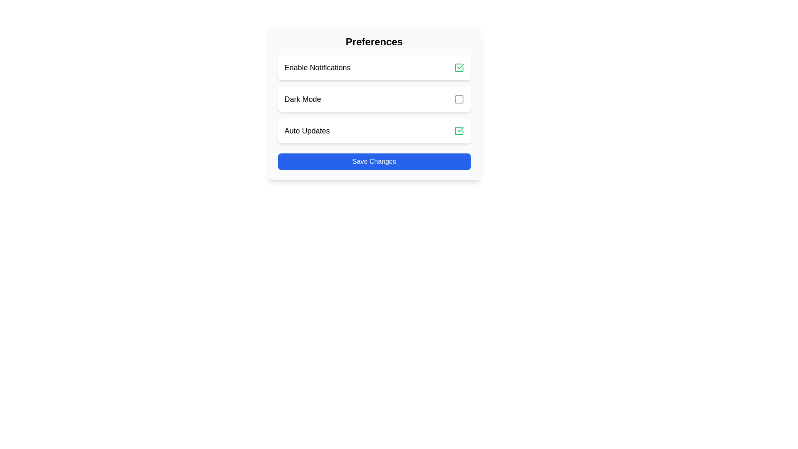 The width and height of the screenshot is (798, 449). What do you see at coordinates (458, 67) in the screenshot?
I see `the green checkmark icon indicating selection or confirmation, located to the right of 'Enable Notifications'` at bounding box center [458, 67].